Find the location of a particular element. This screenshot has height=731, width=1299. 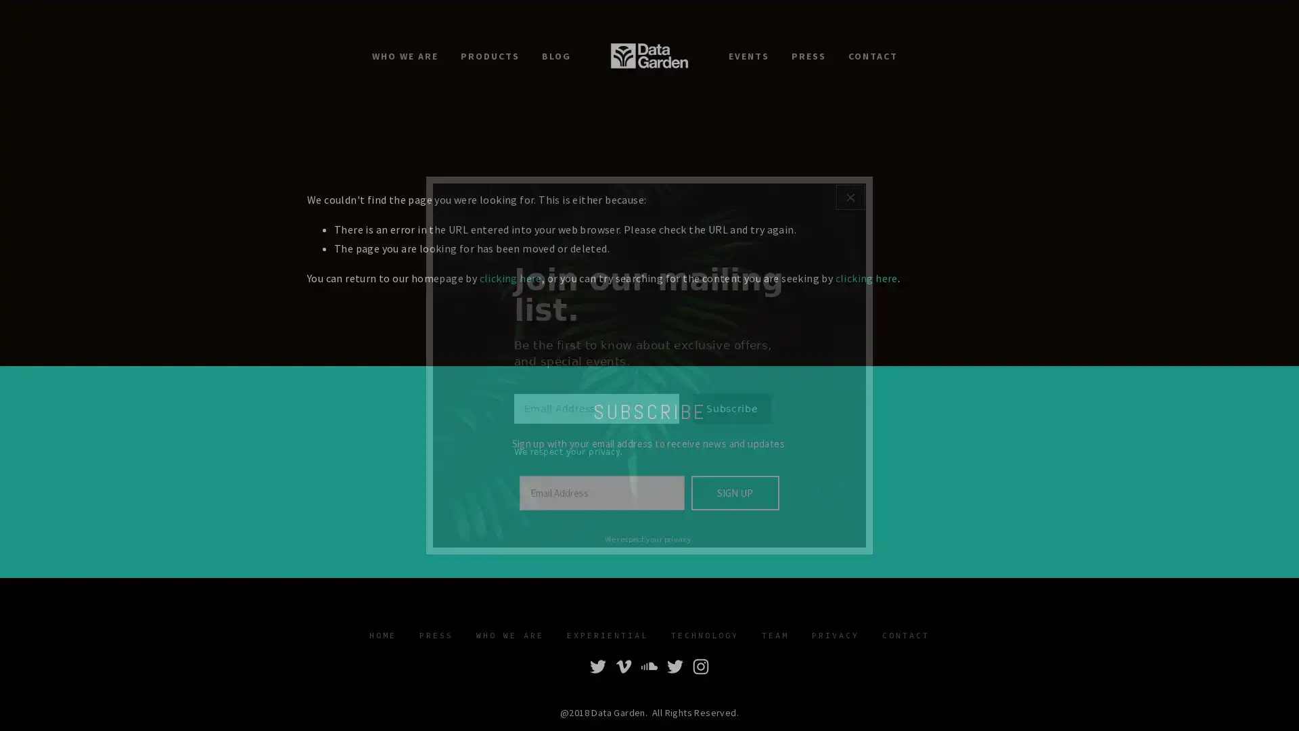

Subscribe is located at coordinates (731, 417).